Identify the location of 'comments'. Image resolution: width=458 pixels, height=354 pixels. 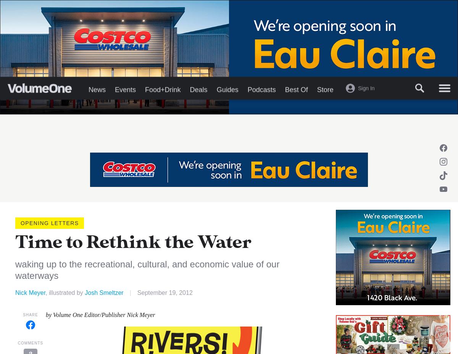
(30, 343).